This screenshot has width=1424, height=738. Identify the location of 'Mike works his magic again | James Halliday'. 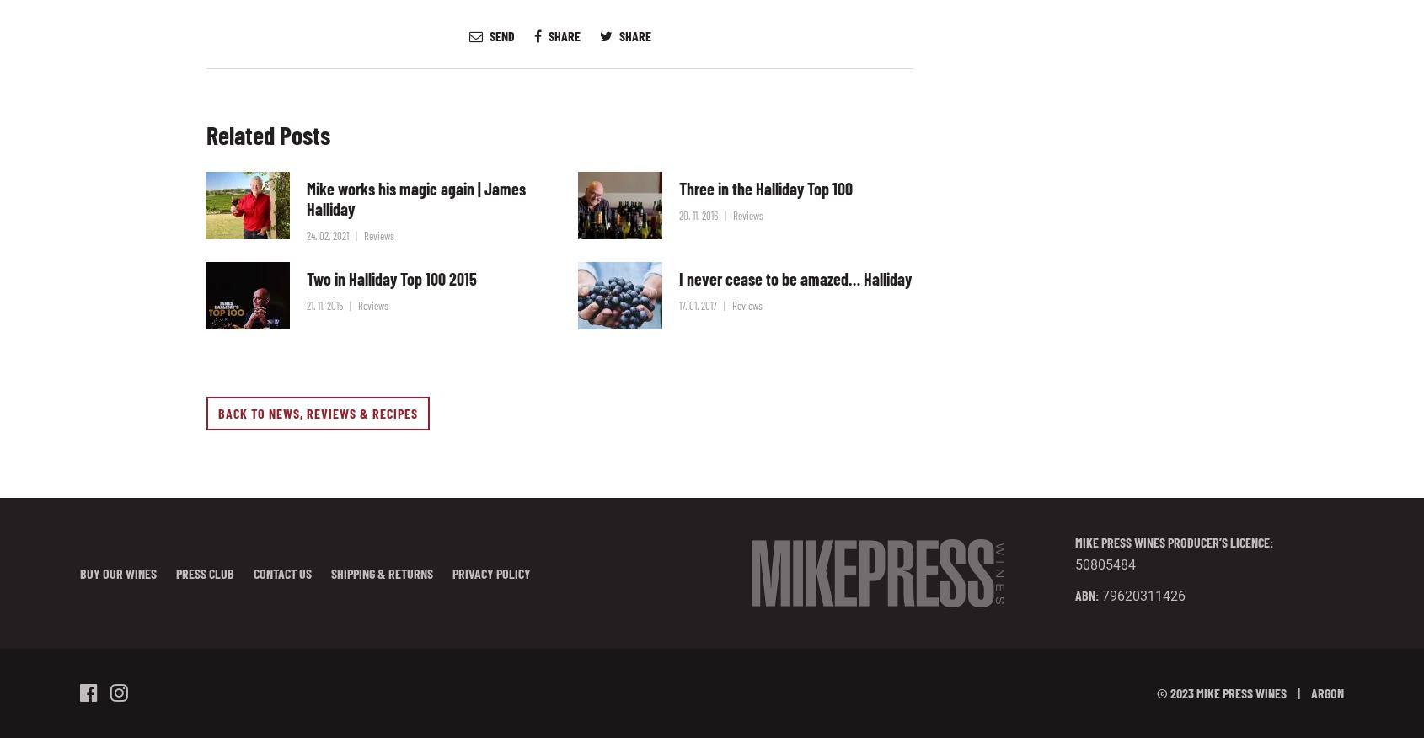
(306, 197).